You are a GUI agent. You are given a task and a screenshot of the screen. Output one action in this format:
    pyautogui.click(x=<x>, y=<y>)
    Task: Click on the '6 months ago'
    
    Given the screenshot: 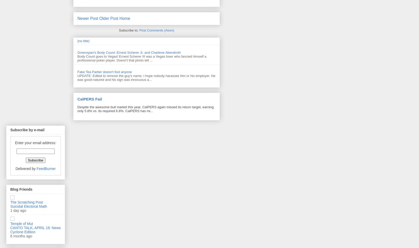 What is the action you would take?
    pyautogui.click(x=10, y=236)
    